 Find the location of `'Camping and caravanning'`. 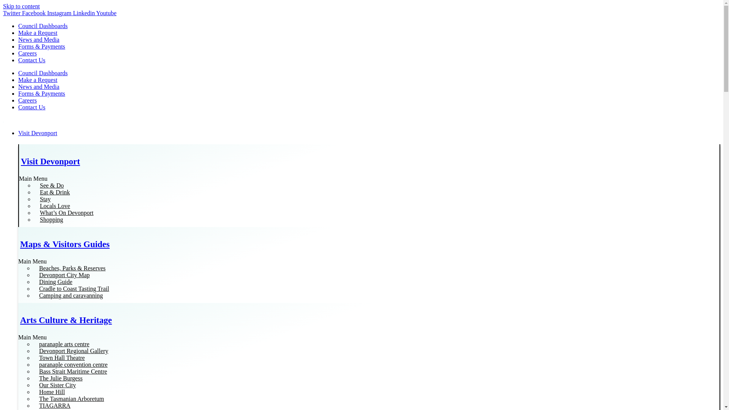

'Camping and caravanning' is located at coordinates (33, 295).